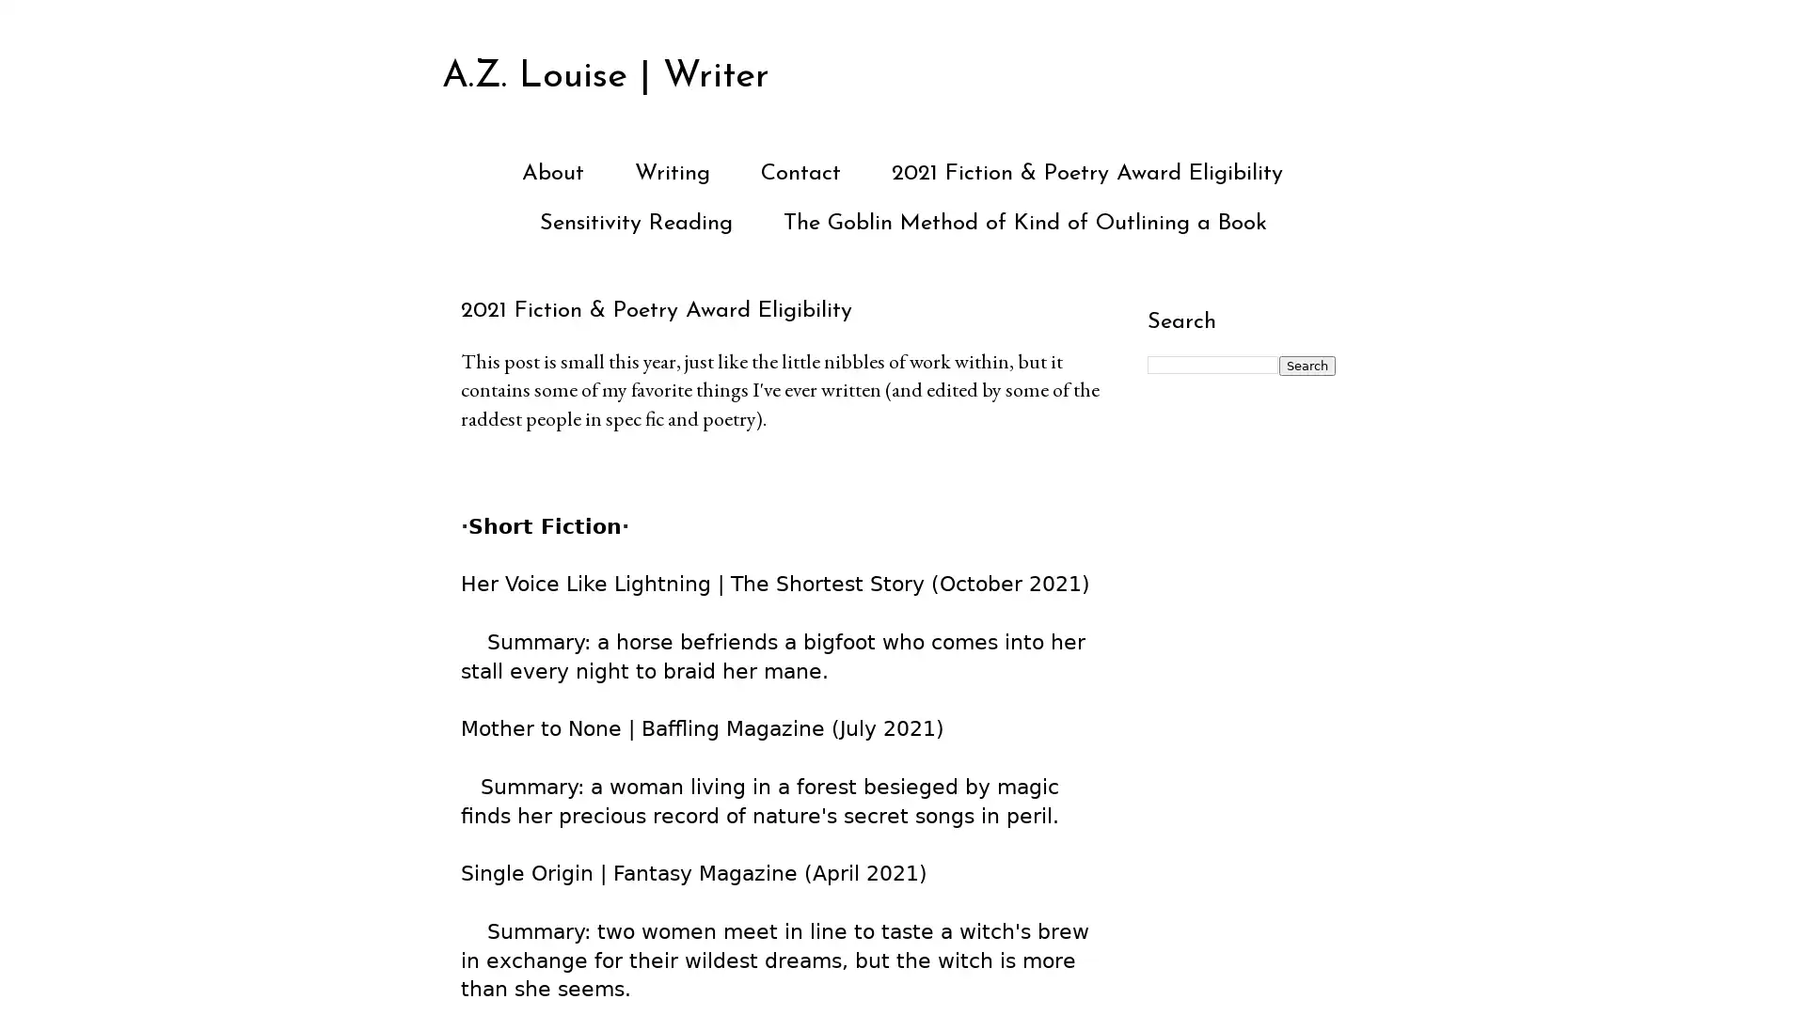  I want to click on Search, so click(1307, 365).